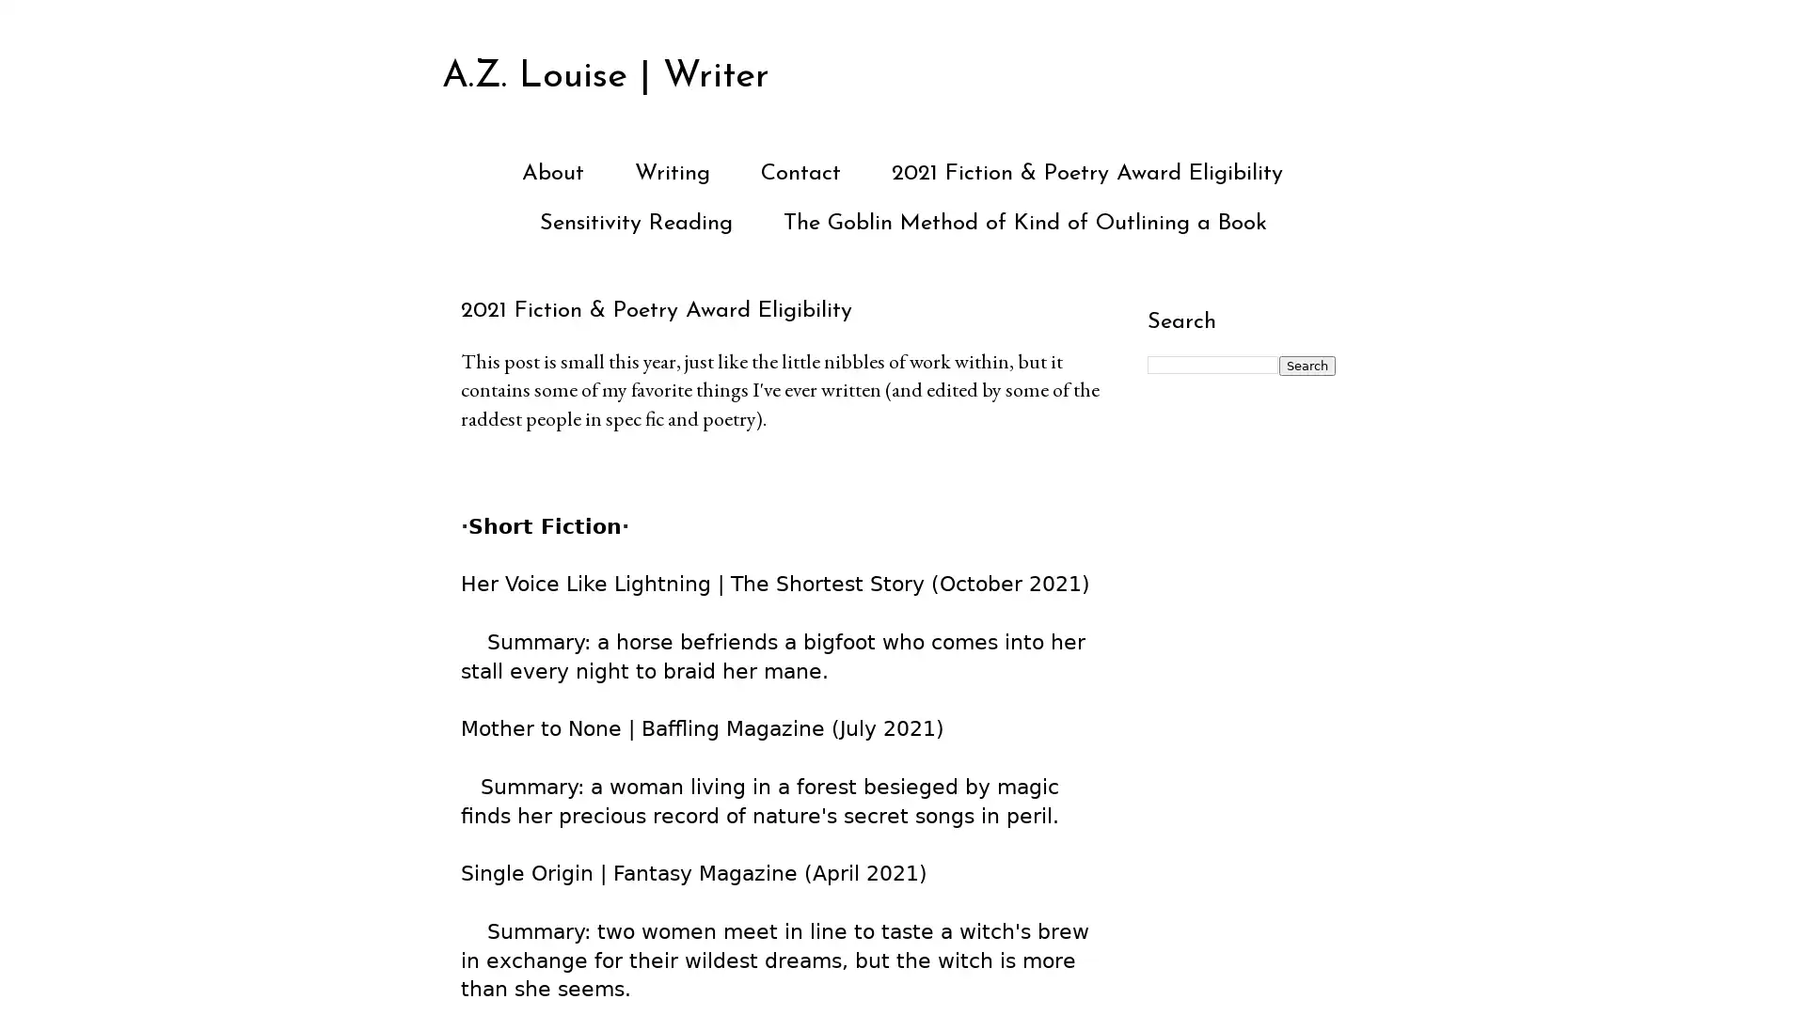  I want to click on Search, so click(1307, 365).